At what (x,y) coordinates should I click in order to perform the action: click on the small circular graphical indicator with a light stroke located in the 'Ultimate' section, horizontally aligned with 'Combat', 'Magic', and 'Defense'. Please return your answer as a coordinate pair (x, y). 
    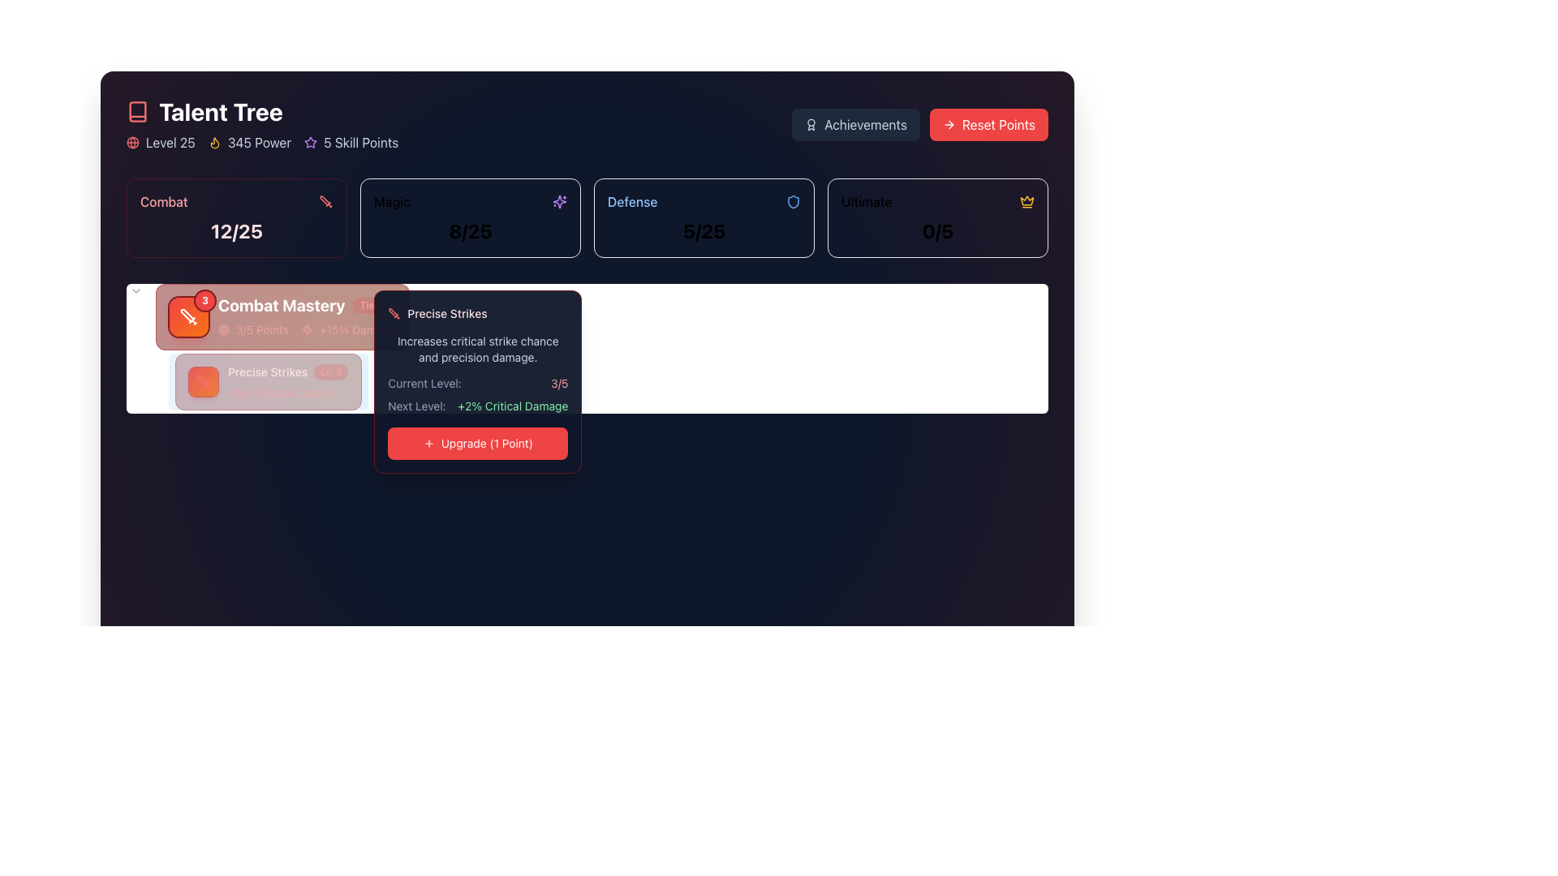
    Looking at the image, I should click on (977, 259).